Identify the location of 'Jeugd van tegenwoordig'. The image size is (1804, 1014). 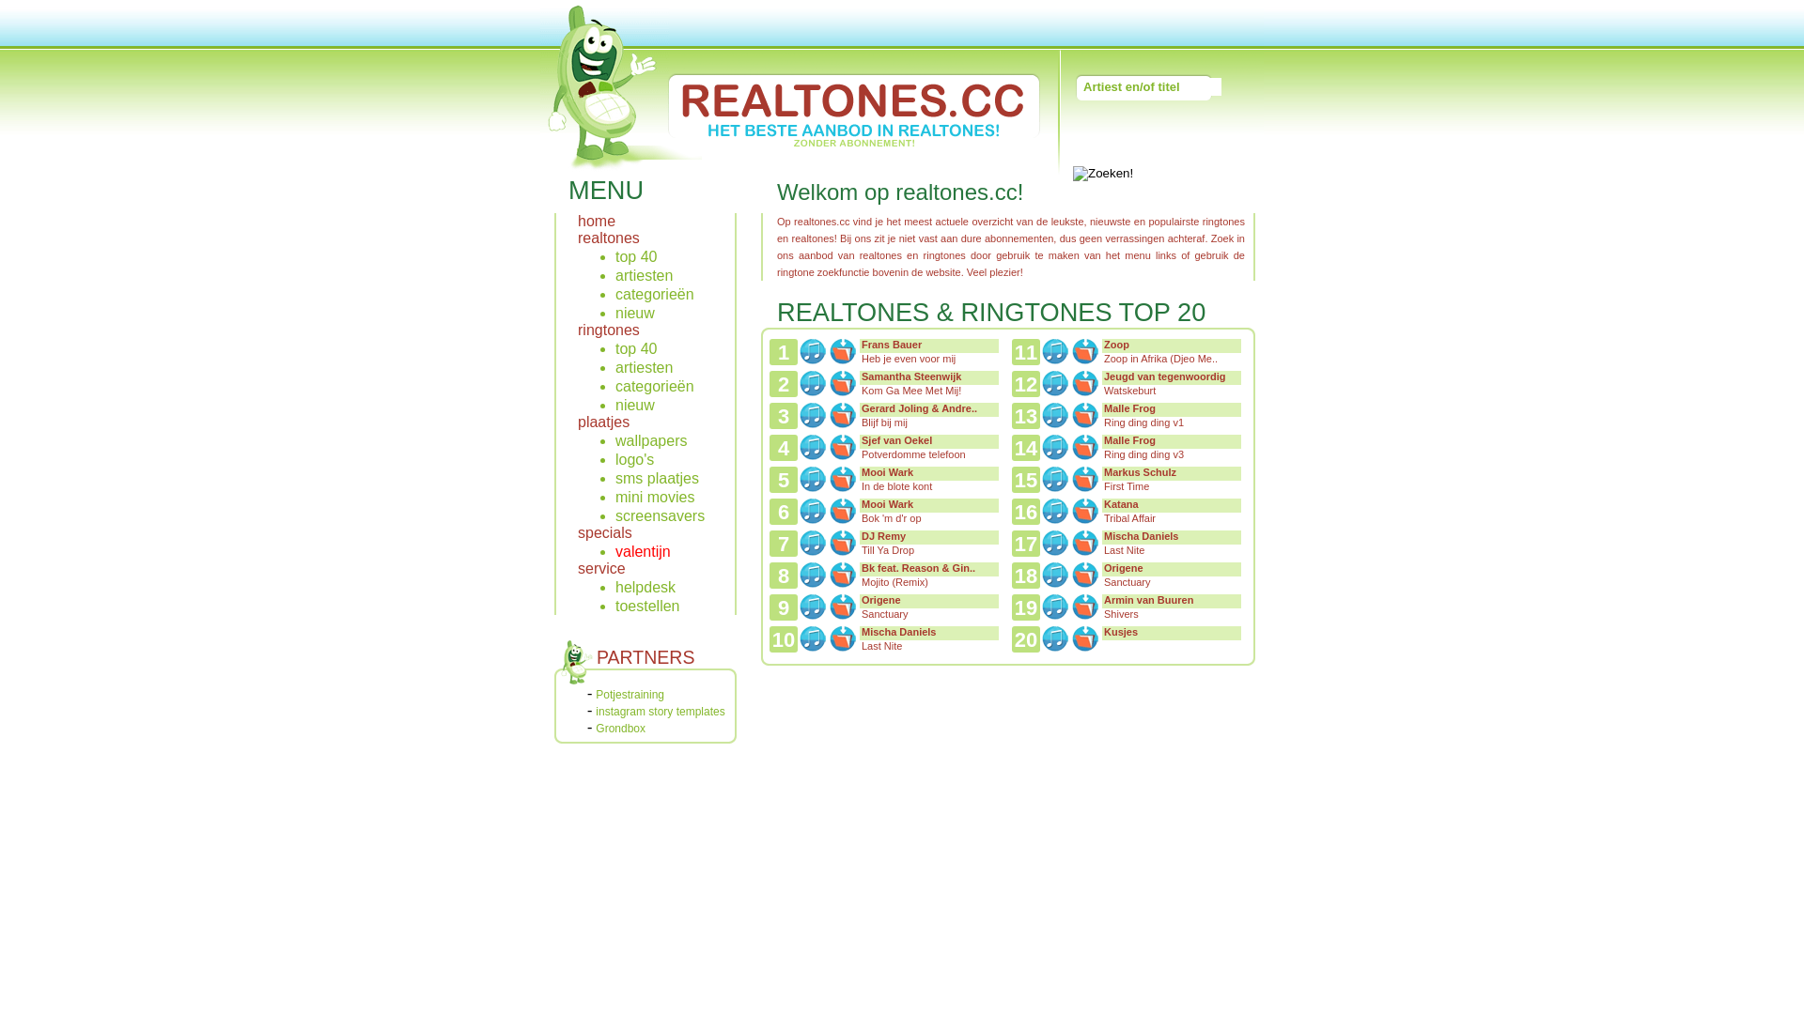
(1104, 376).